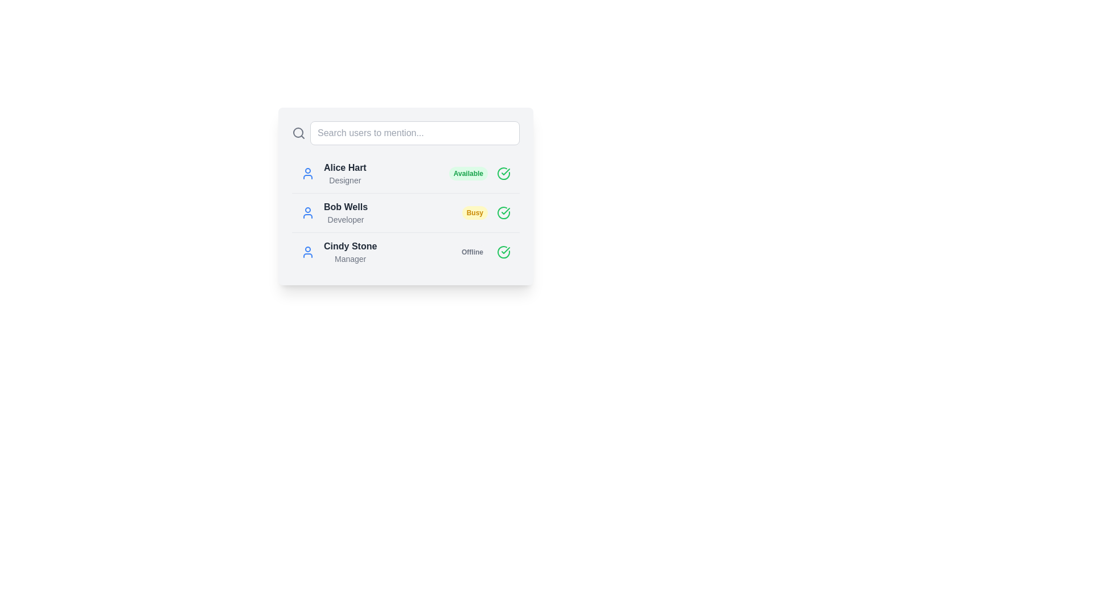  Describe the element at coordinates (503, 252) in the screenshot. I see `the state of the circular green check mark icon indicating success, located in the last user card for 'Cindy Stone' with 'Offline' status` at that location.